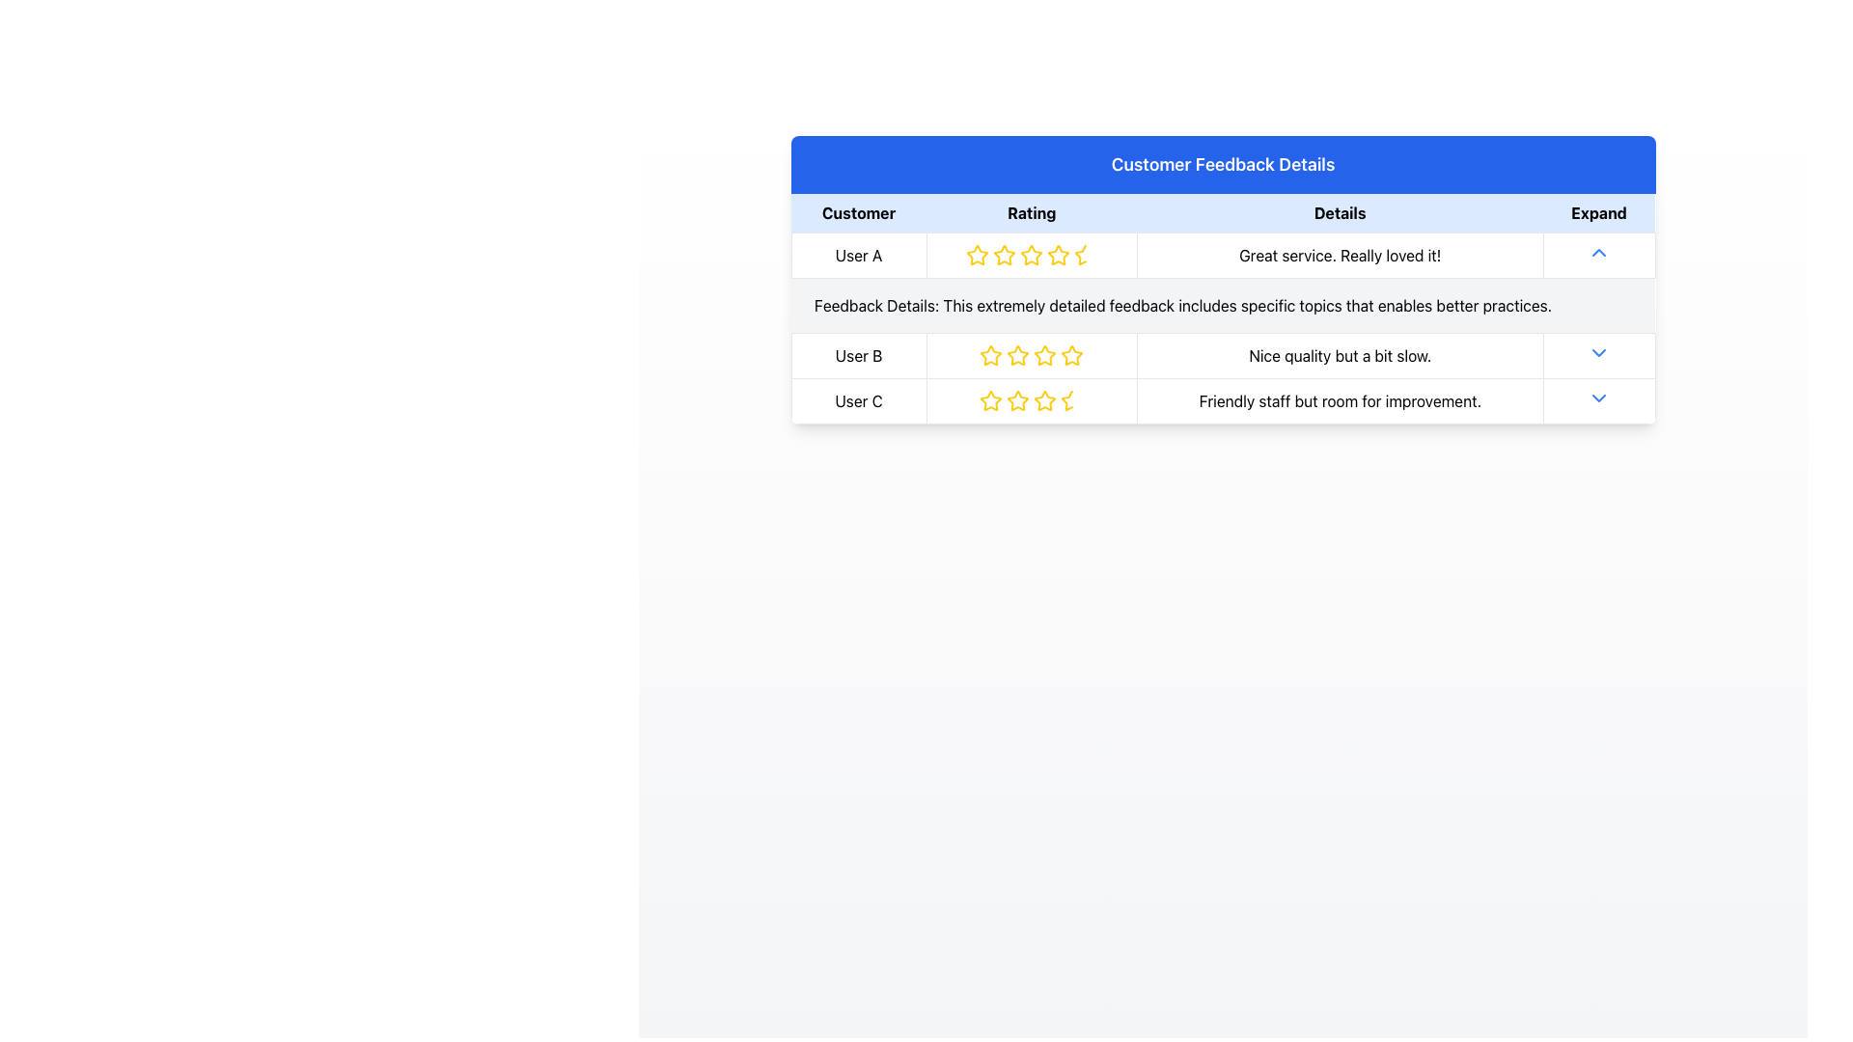 Image resolution: width=1853 pixels, height=1042 pixels. I want to click on the third yellow star icon in the rating column associated with 'User B' in the 'Customer Feedback Details' table, so click(1044, 355).